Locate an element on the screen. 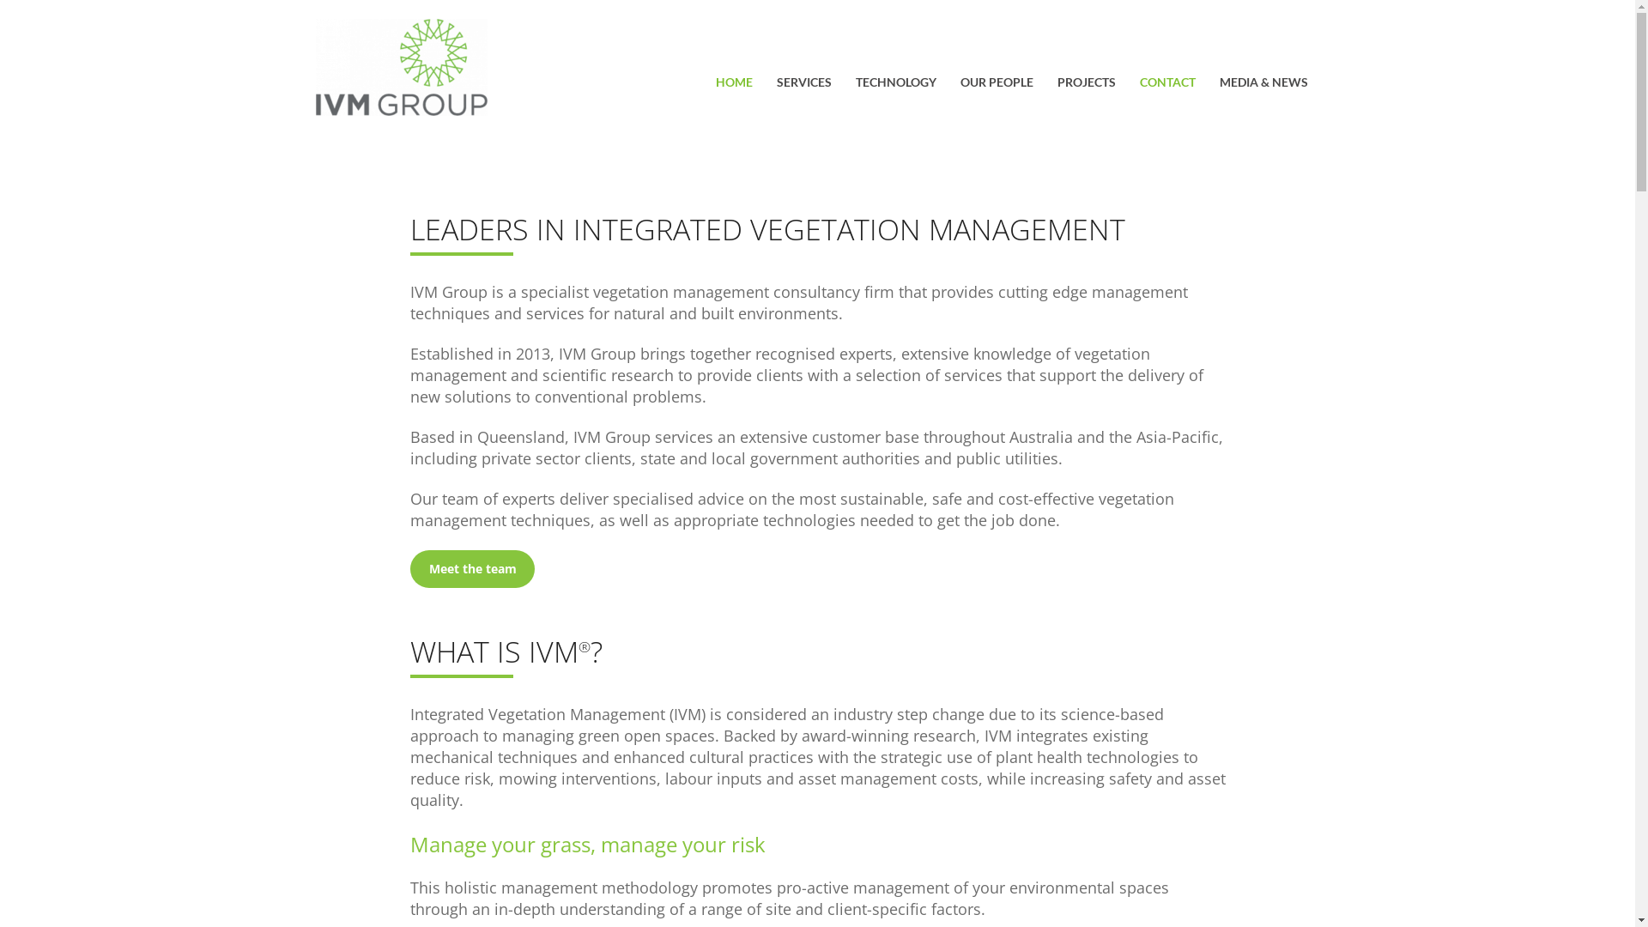  'Meet the team' is located at coordinates (409, 569).